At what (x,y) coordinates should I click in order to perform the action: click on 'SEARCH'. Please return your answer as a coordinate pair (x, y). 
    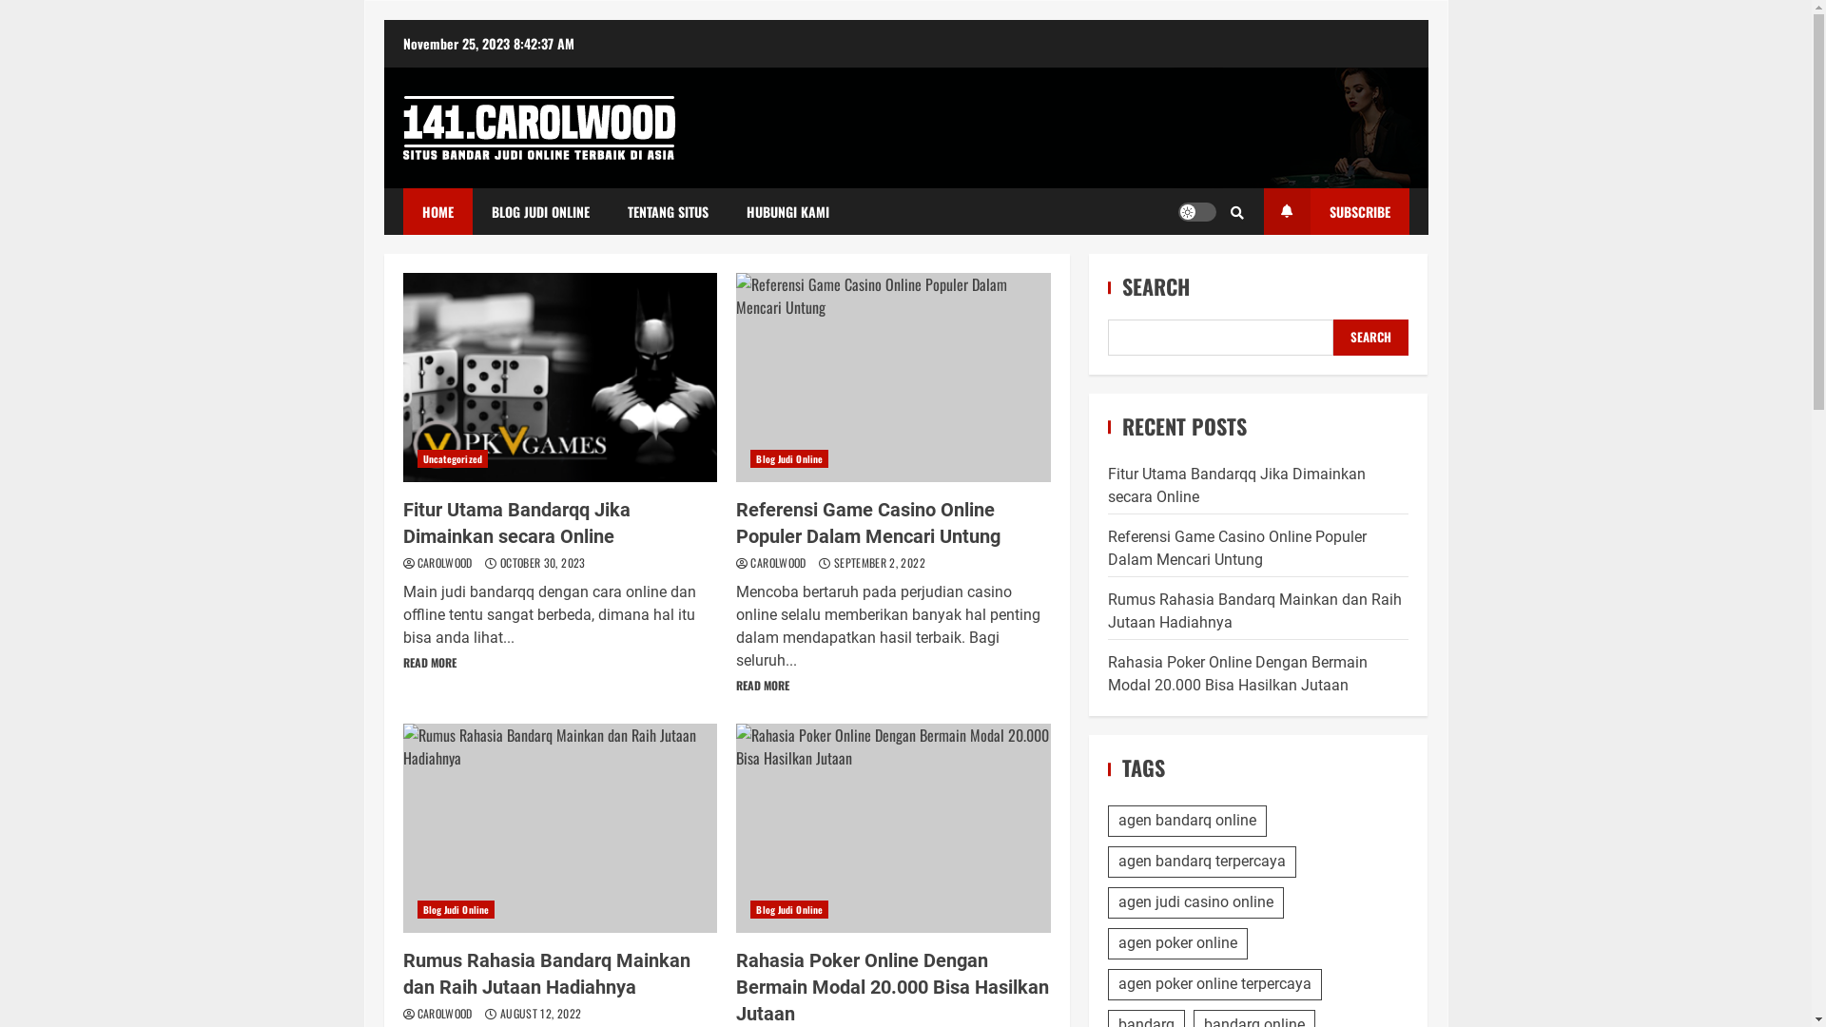
    Looking at the image, I should click on (1370, 336).